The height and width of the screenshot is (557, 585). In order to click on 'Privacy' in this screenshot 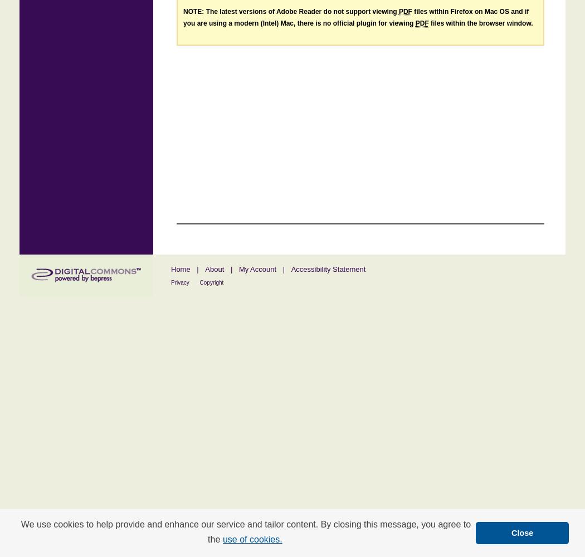, I will do `click(171, 282)`.